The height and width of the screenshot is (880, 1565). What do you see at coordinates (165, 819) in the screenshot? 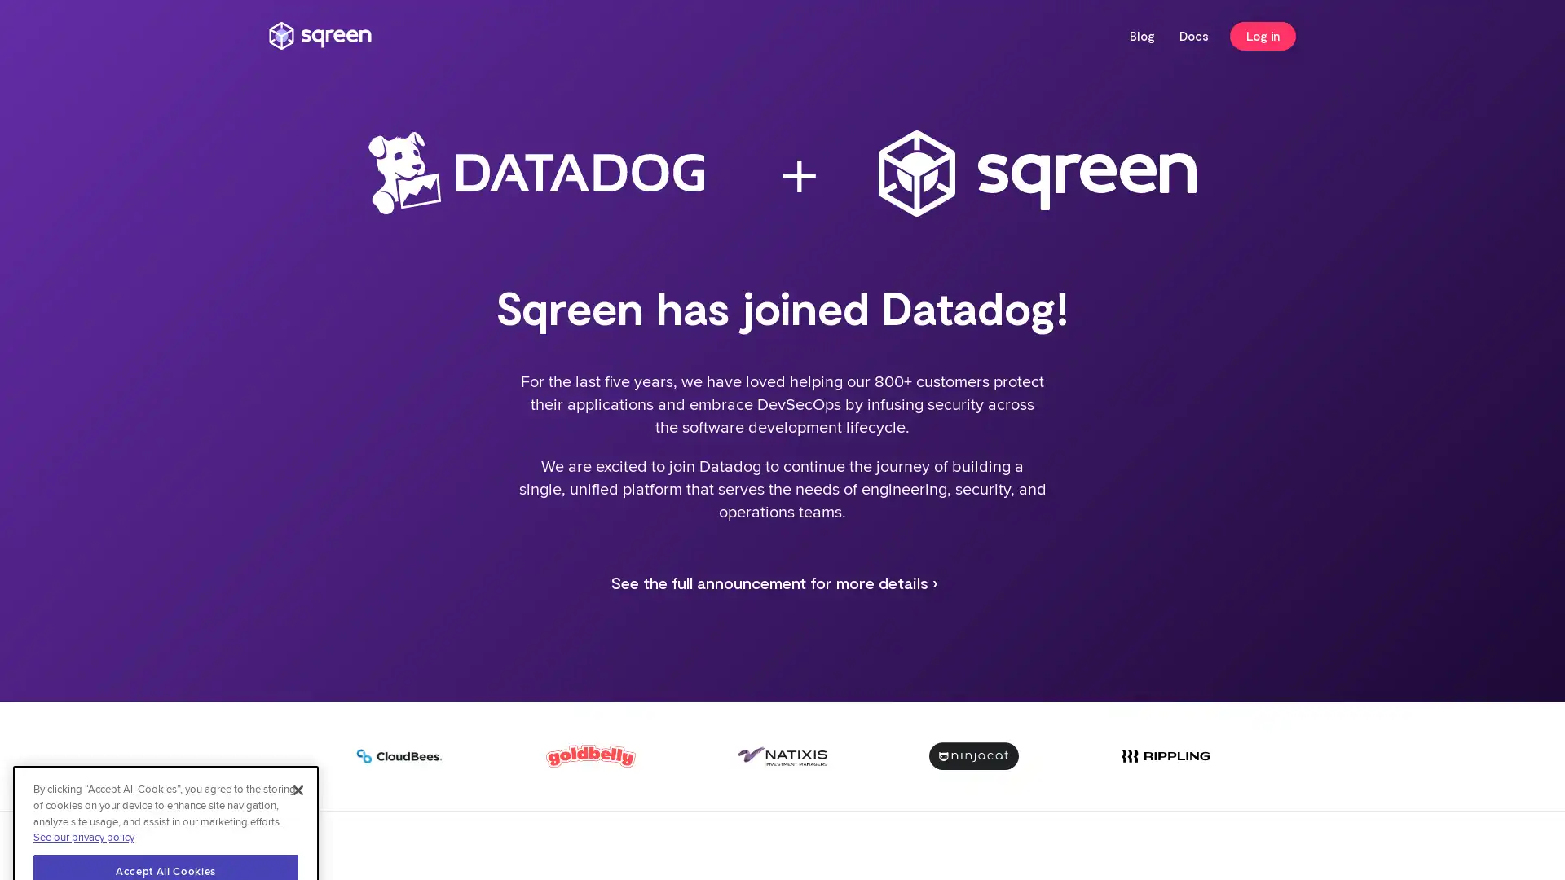
I see `Reject All` at bounding box center [165, 819].